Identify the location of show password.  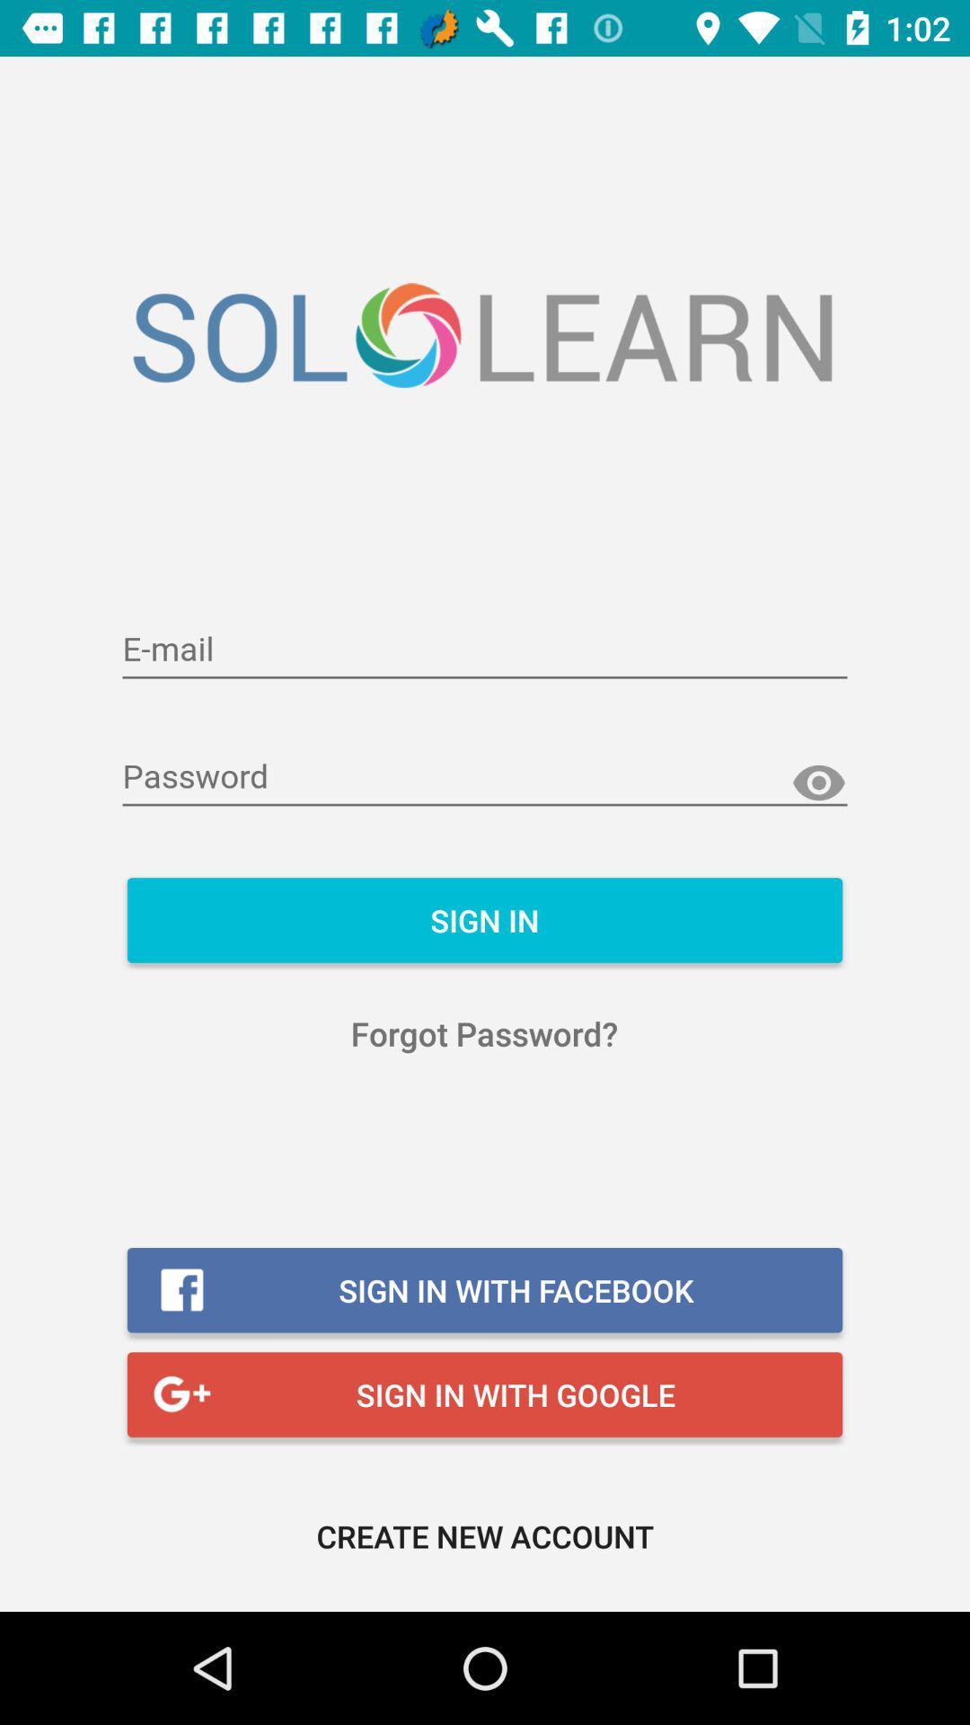
(818, 783).